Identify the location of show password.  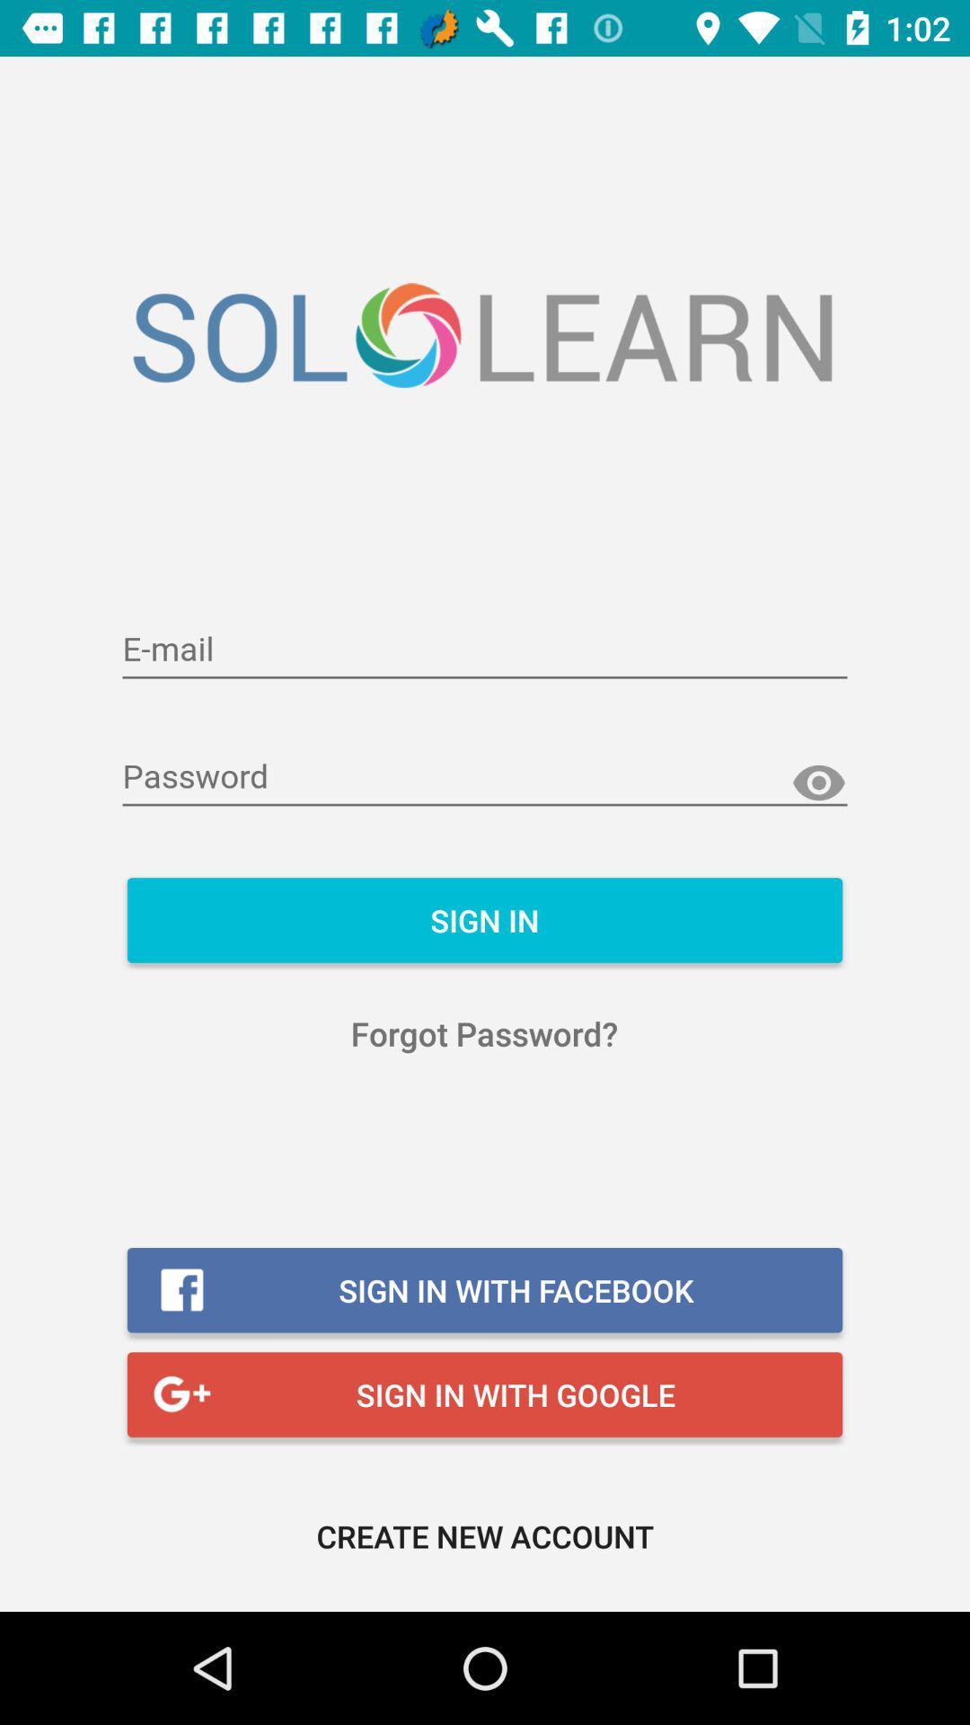
(818, 783).